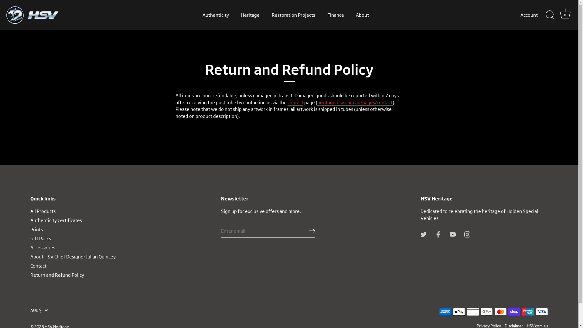 This screenshot has width=583, height=328. I want to click on 'Return and Refund Policy', so click(57, 275).